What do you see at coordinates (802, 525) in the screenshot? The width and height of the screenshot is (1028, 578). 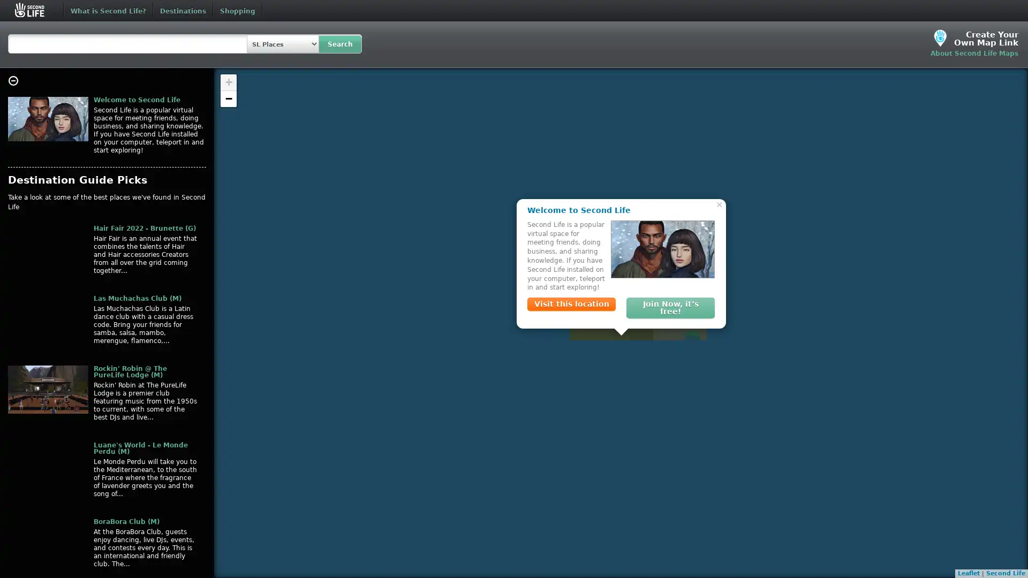 I see `Close` at bounding box center [802, 525].